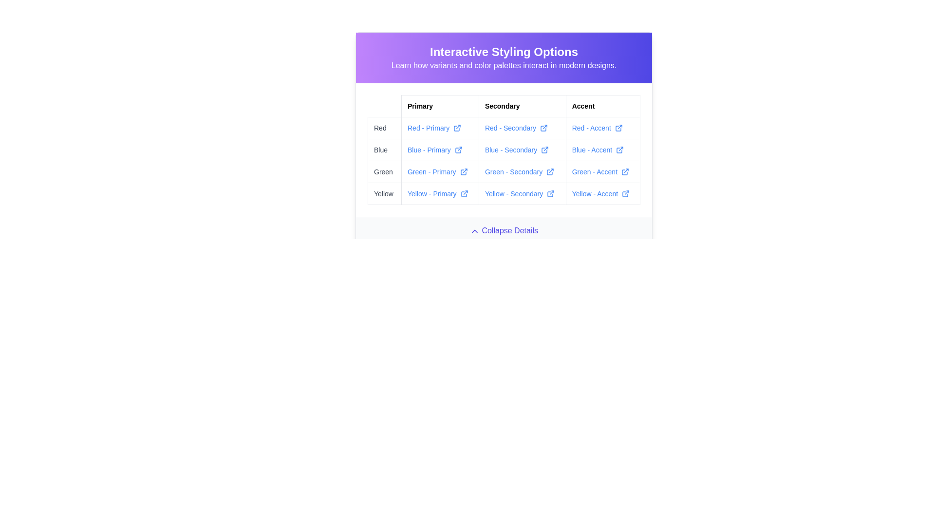 Image resolution: width=935 pixels, height=526 pixels. Describe the element at coordinates (618, 127) in the screenshot. I see `the external link icon located in the 'Red - Accent' section of the styled table, aligned with the text link labeled 'Red - Accent'` at that location.